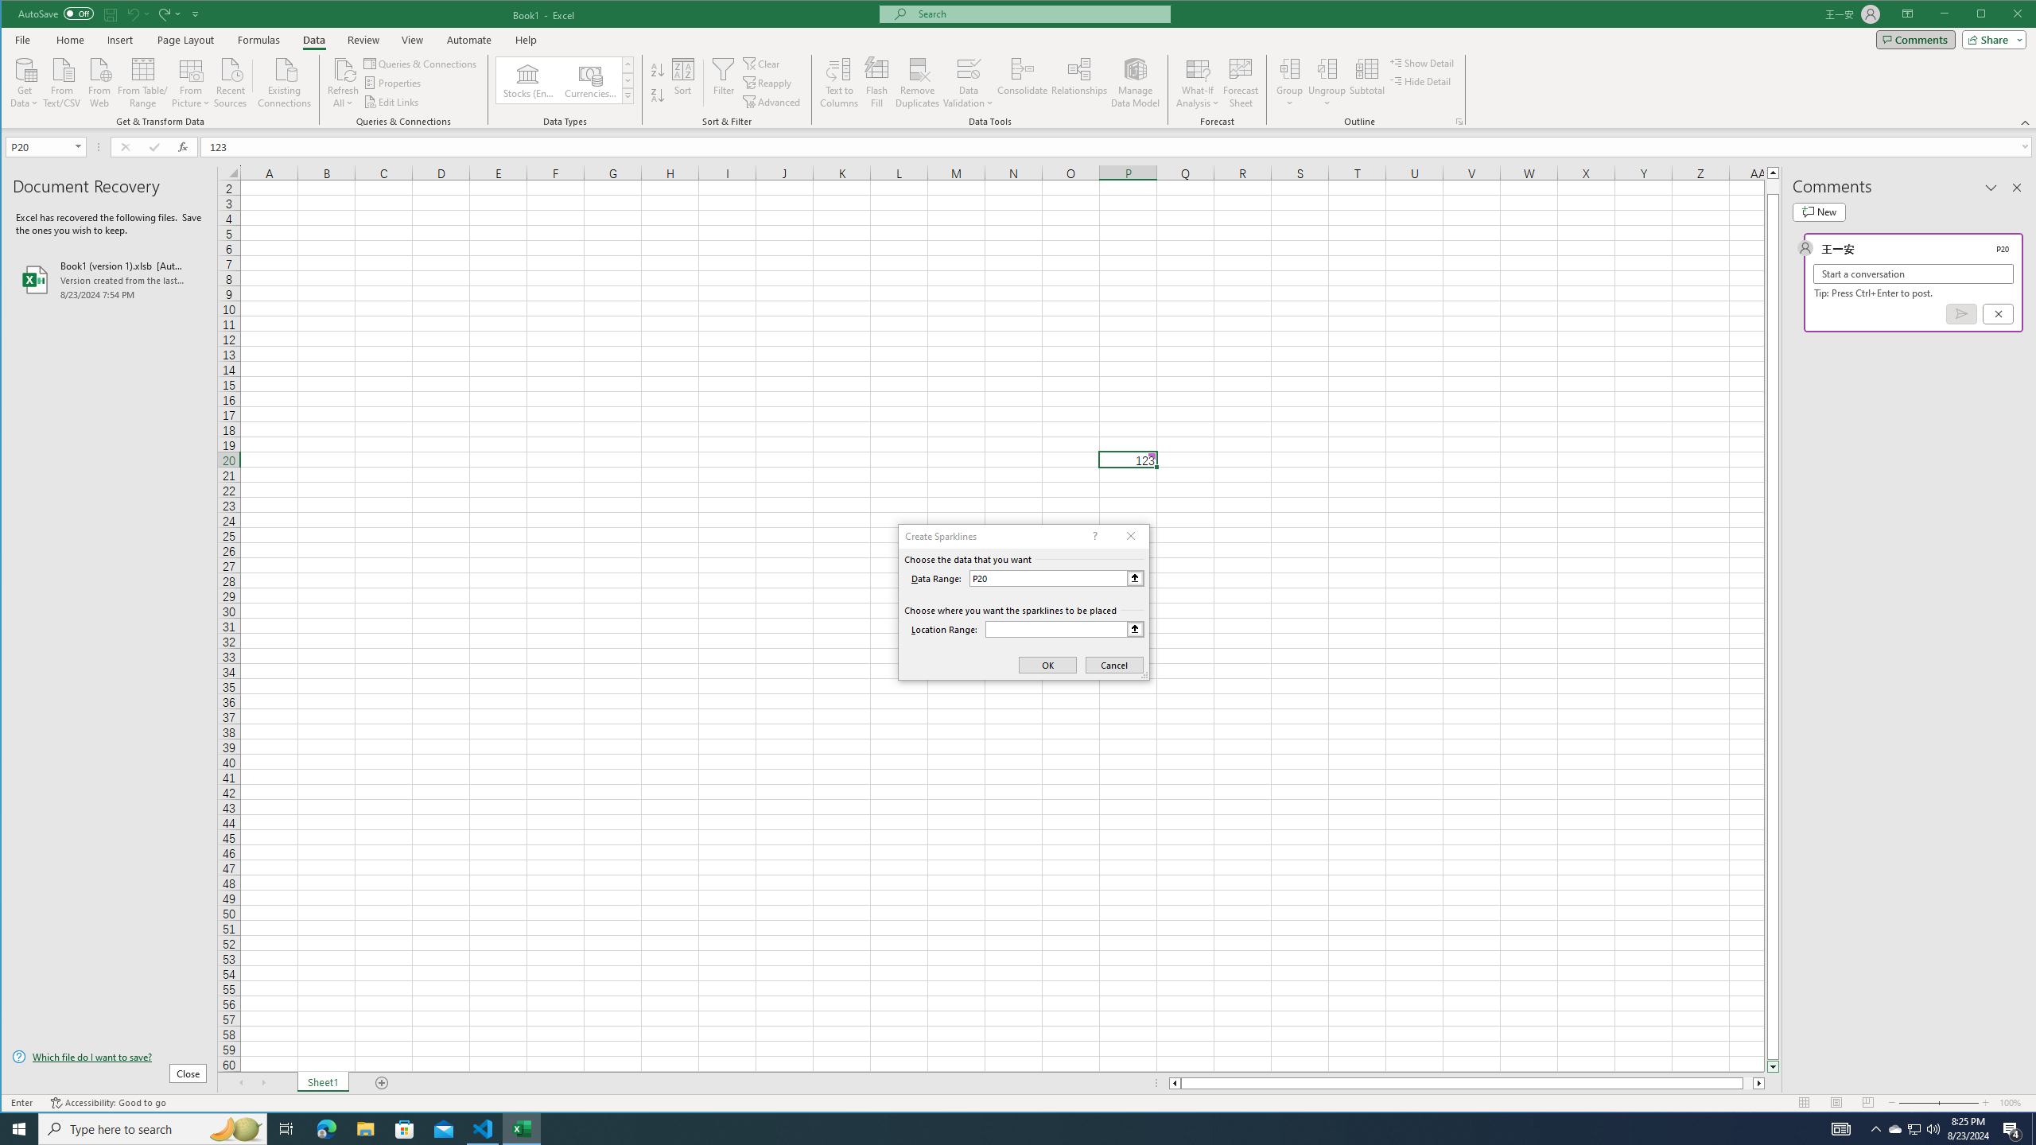 The height and width of the screenshot is (1145, 2036). What do you see at coordinates (657, 69) in the screenshot?
I see `'Sort Smallest to Largest'` at bounding box center [657, 69].